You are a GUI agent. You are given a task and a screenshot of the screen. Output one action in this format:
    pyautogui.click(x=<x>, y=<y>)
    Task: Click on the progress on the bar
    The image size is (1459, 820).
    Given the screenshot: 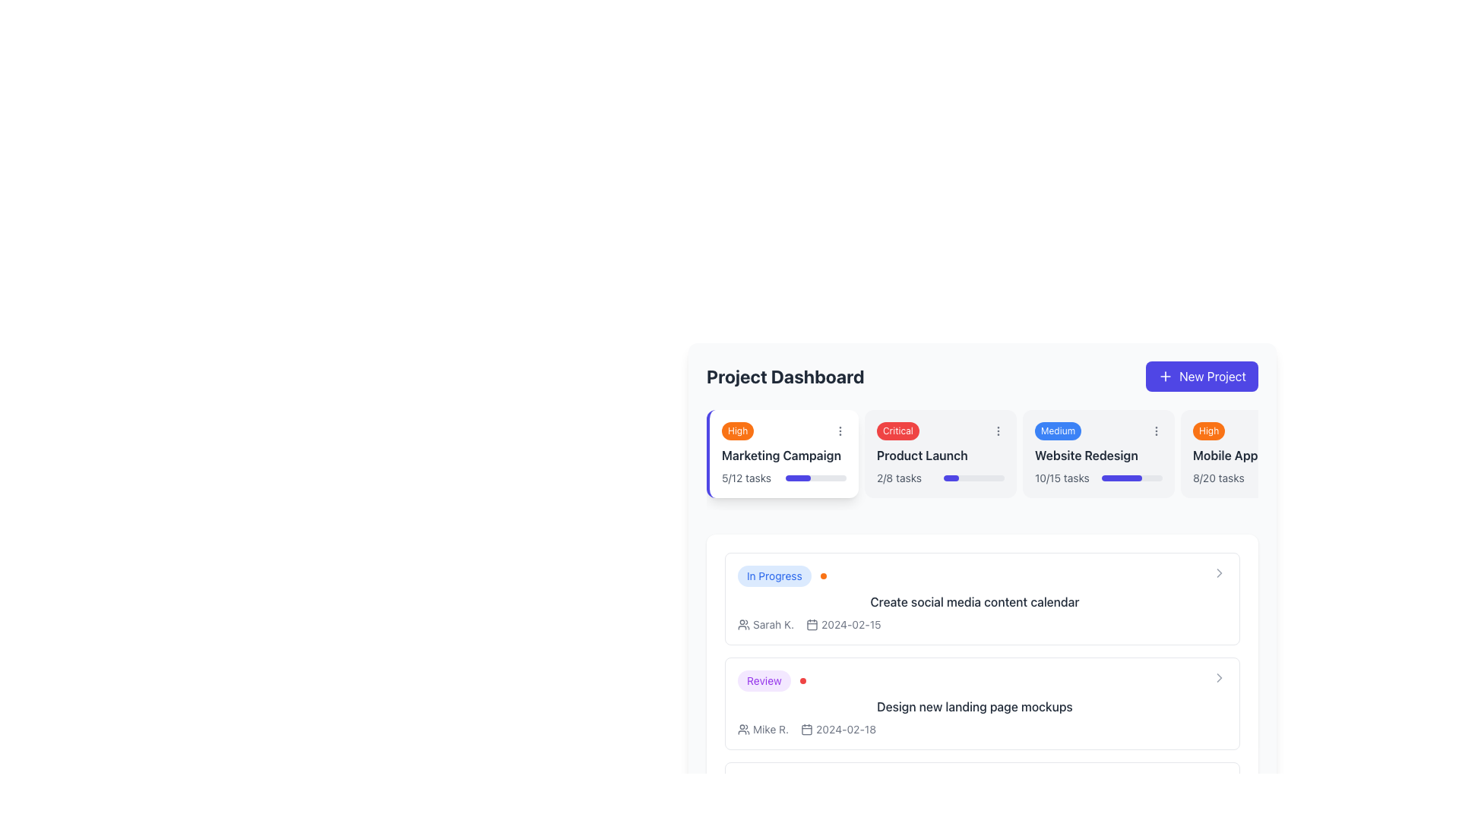 What is the action you would take?
    pyautogui.click(x=824, y=477)
    